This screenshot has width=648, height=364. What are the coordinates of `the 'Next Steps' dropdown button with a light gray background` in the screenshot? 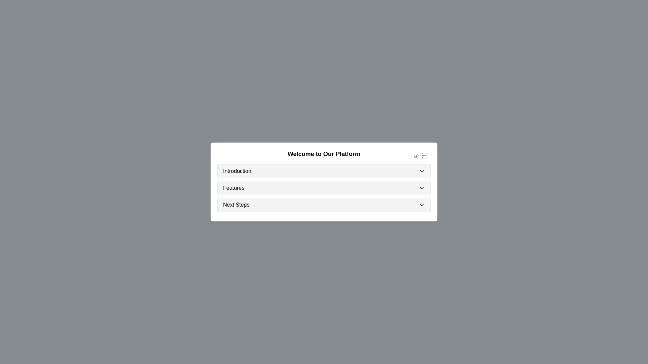 It's located at (324, 205).